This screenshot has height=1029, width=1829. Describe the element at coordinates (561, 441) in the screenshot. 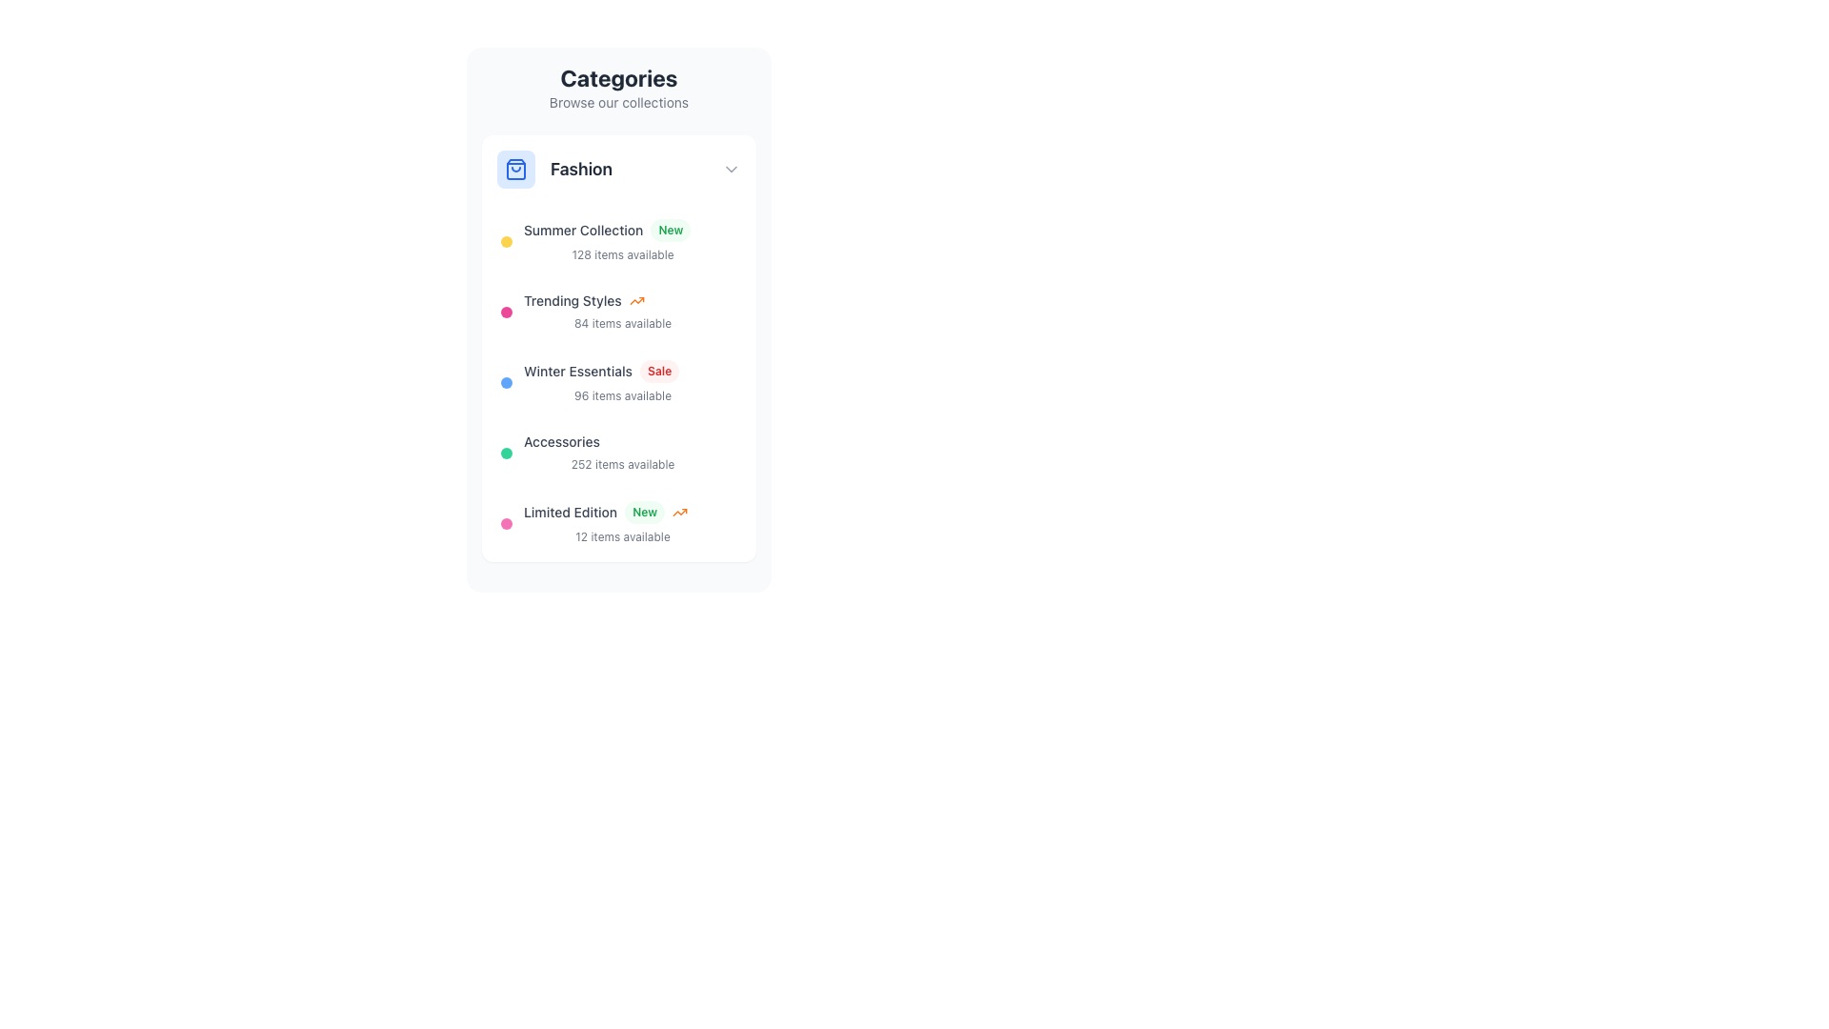

I see `the 'Accessories' text label, which is the fourth element in the vertical list of categories within the fashion section, styled in gray with a hover effect that changes it to blue` at that location.